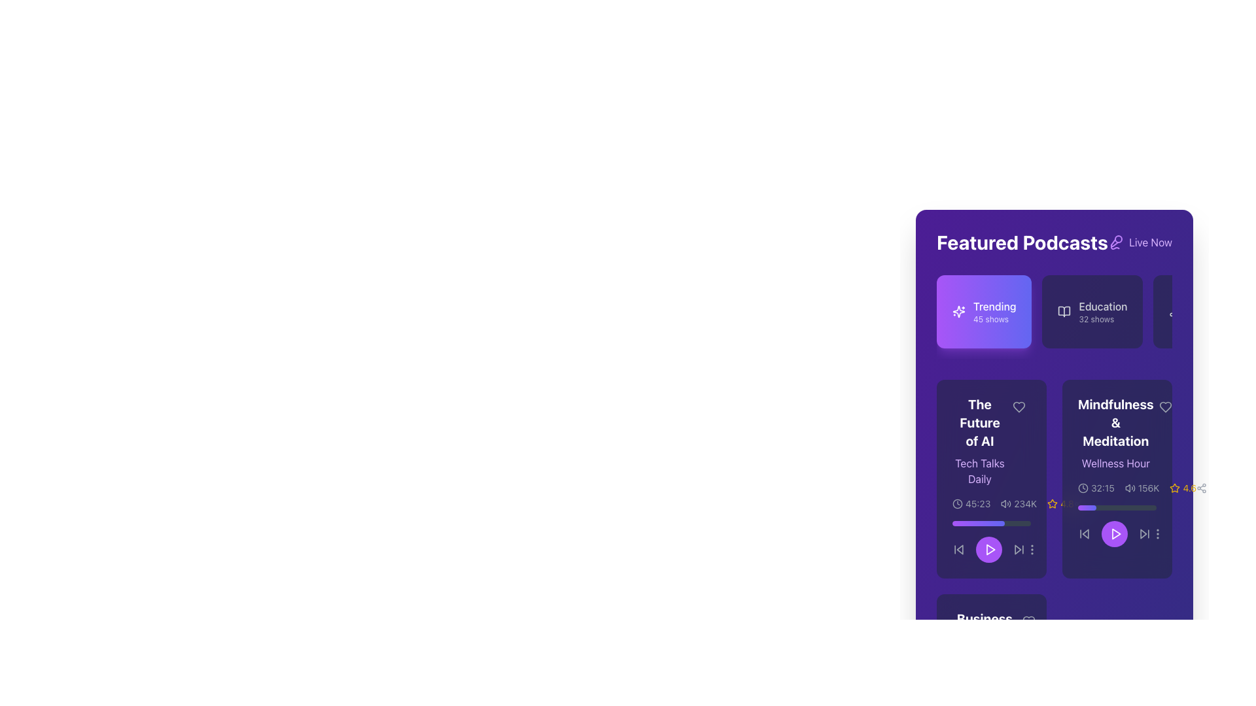 The height and width of the screenshot is (706, 1256). What do you see at coordinates (958, 503) in the screenshot?
I see `the decorative circle element of the clock icon located in the audio player section for 'The Future of AI' podcast, positioned to the right of the playback duration time display` at bounding box center [958, 503].